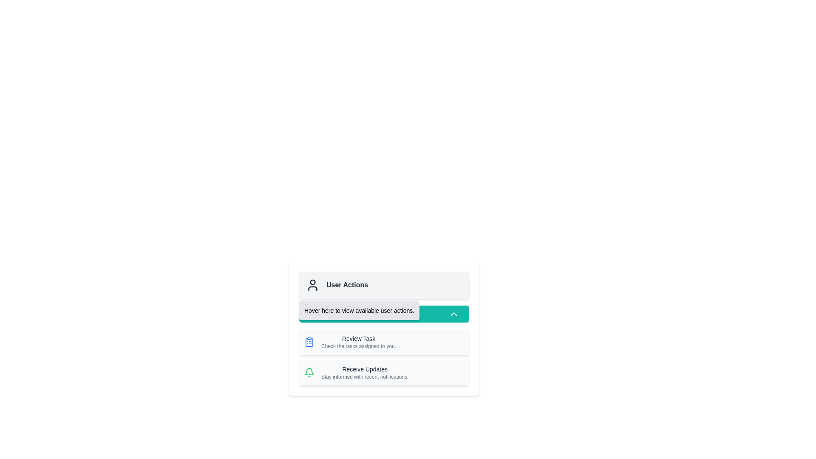 The height and width of the screenshot is (459, 816). What do you see at coordinates (365, 377) in the screenshot?
I see `the supplementary information text located beneath the 'Receive Updates' heading within its card, aligned to the left side of the text content area` at bounding box center [365, 377].